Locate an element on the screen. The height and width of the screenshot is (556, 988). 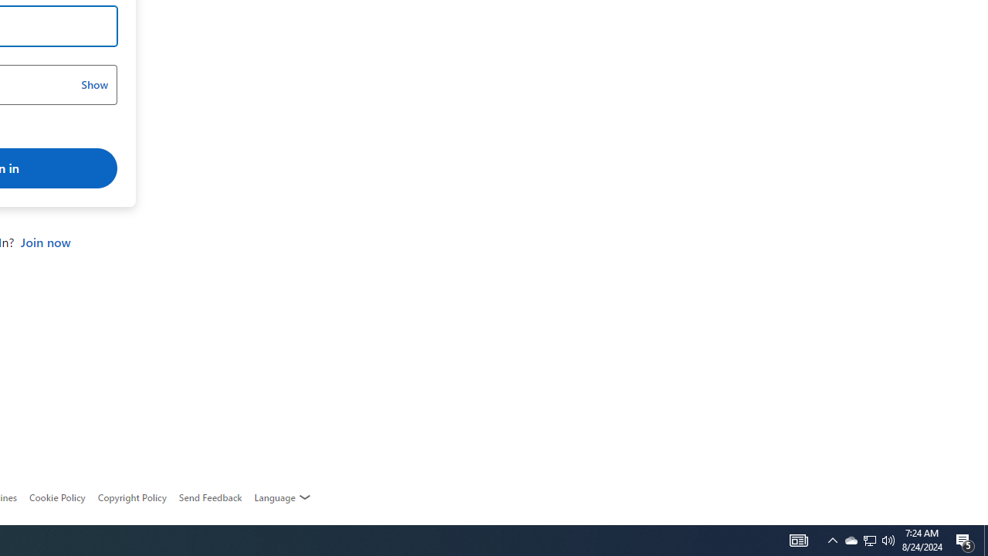
'Join now' is located at coordinates (45, 242).